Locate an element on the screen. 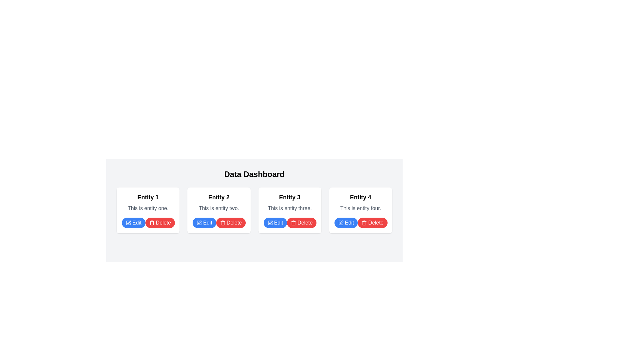 Image resolution: width=629 pixels, height=354 pixels. the delete button located to the right of the 'Edit' button in the lower section of the card for 'Entity 1' to observe the hover effect is located at coordinates (160, 222).